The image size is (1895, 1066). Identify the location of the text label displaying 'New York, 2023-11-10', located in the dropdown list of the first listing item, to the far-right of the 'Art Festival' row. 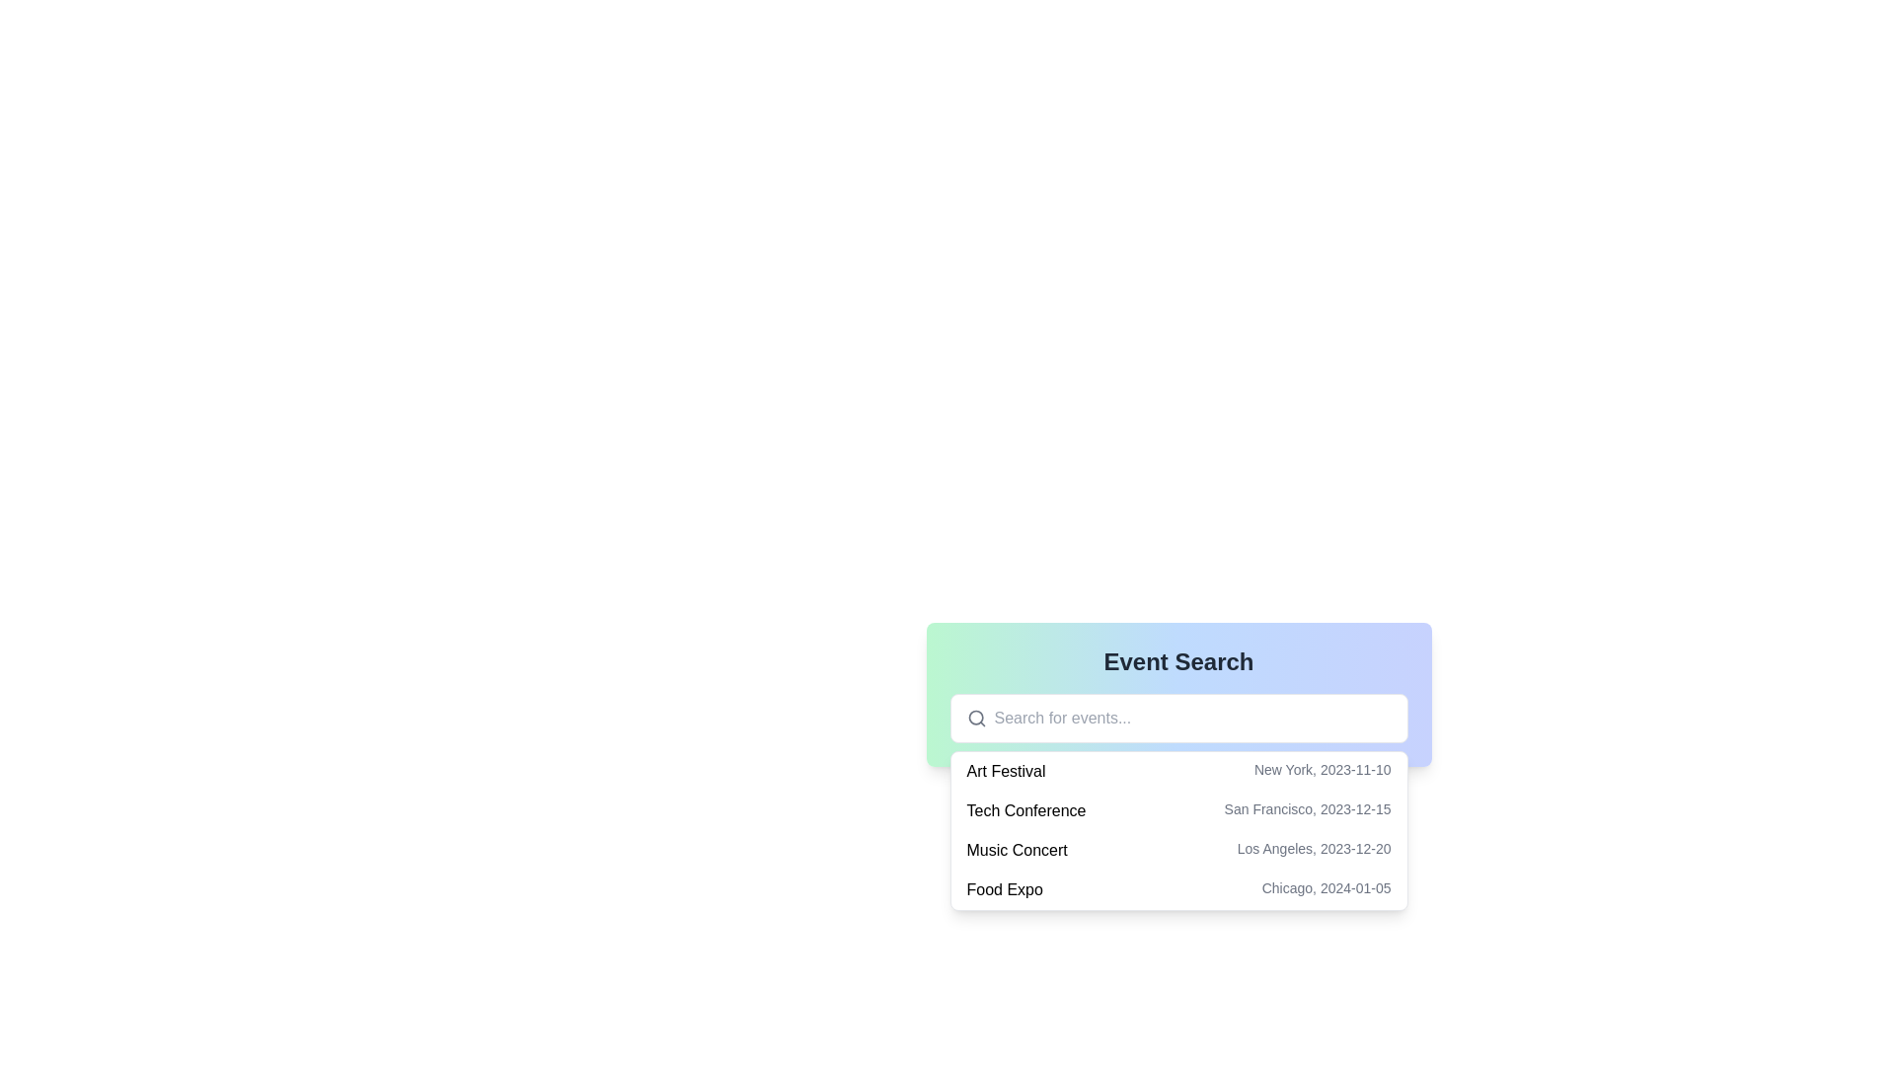
(1323, 771).